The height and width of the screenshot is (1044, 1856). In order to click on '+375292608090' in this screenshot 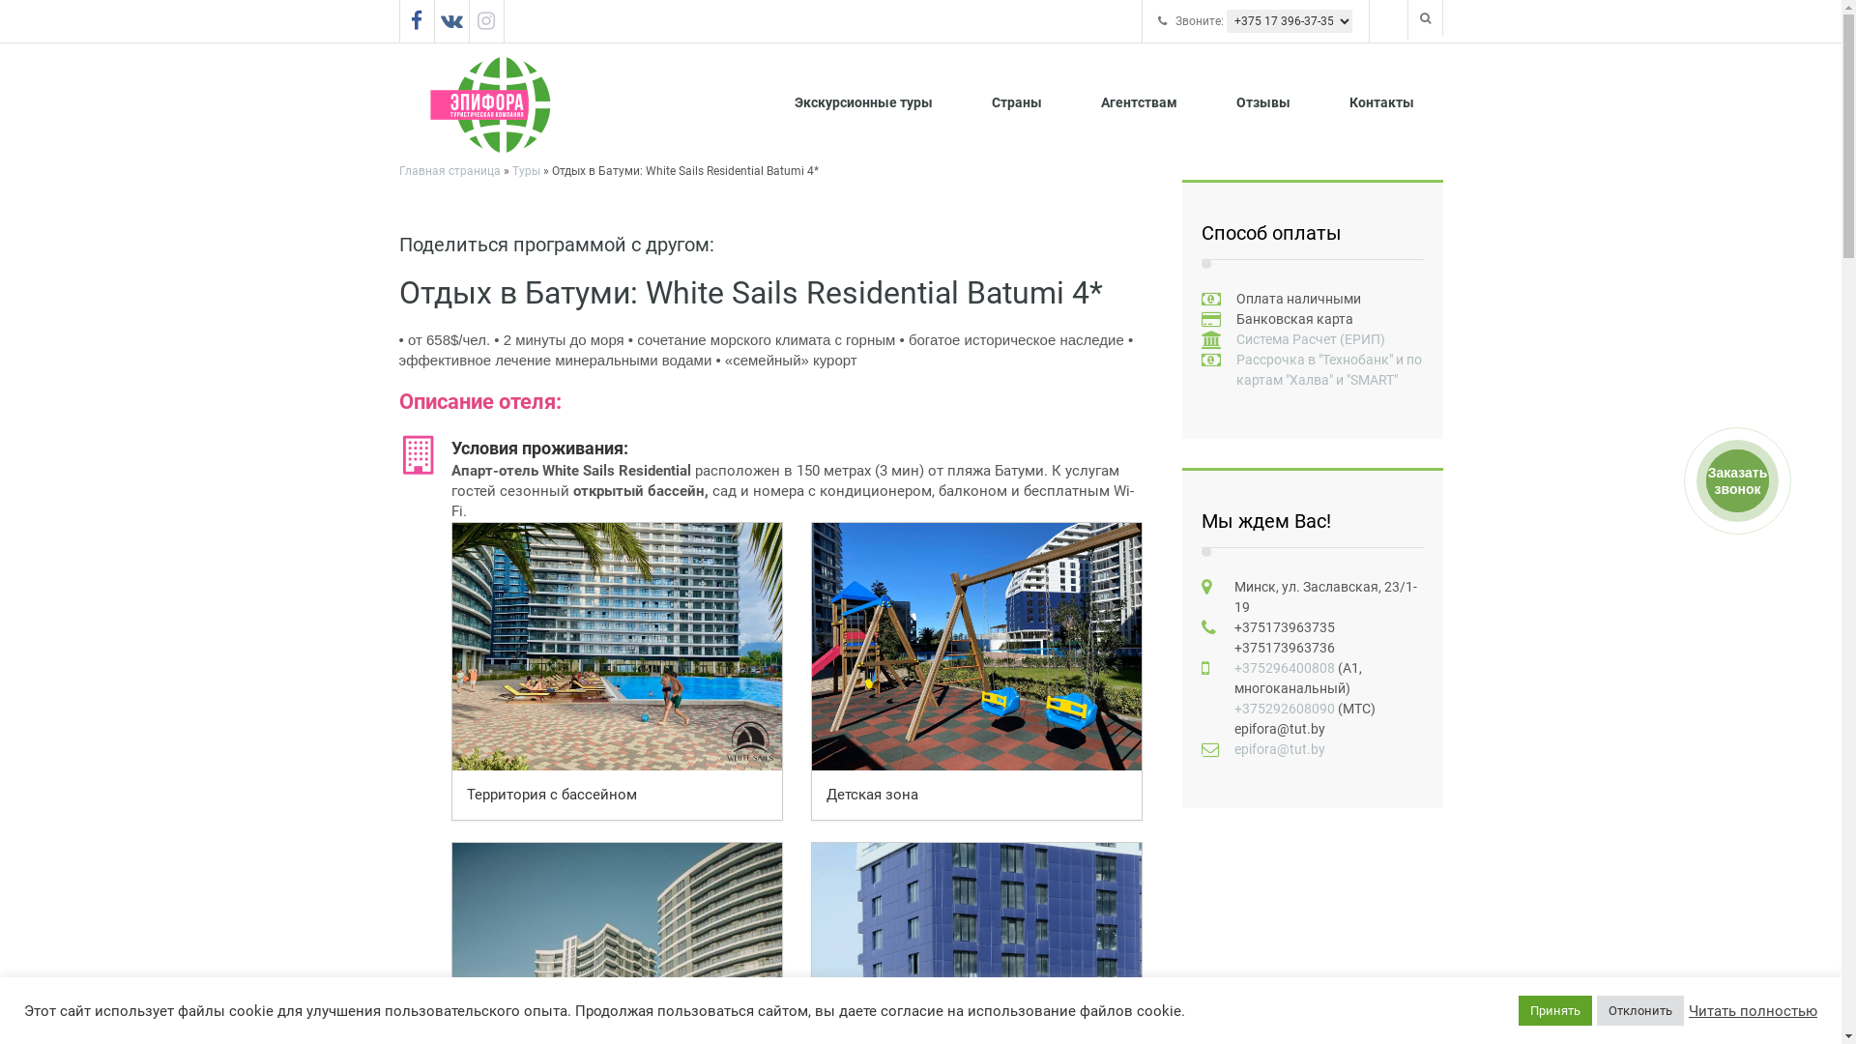, I will do `click(1284, 708)`.